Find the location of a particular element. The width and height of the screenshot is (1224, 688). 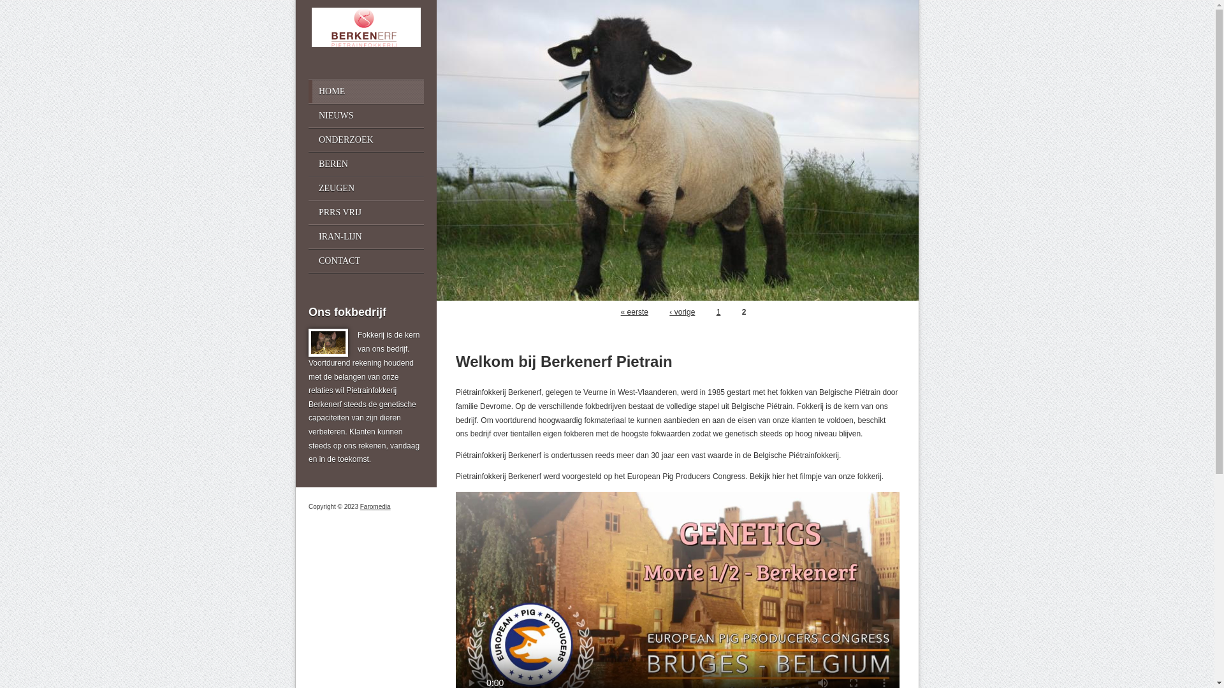

'ZEUGEN' is located at coordinates (309, 189).